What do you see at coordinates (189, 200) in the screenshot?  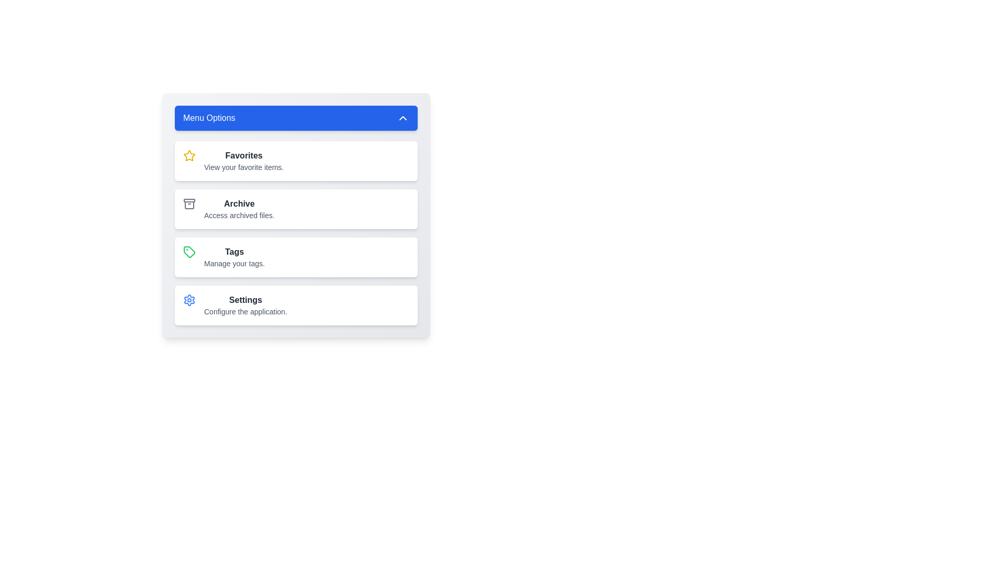 I see `the rounded gray rectangle that is part of the 'Archive' menu icon, located to the left of the text label 'Archive: Access archived files.'` at bounding box center [189, 200].